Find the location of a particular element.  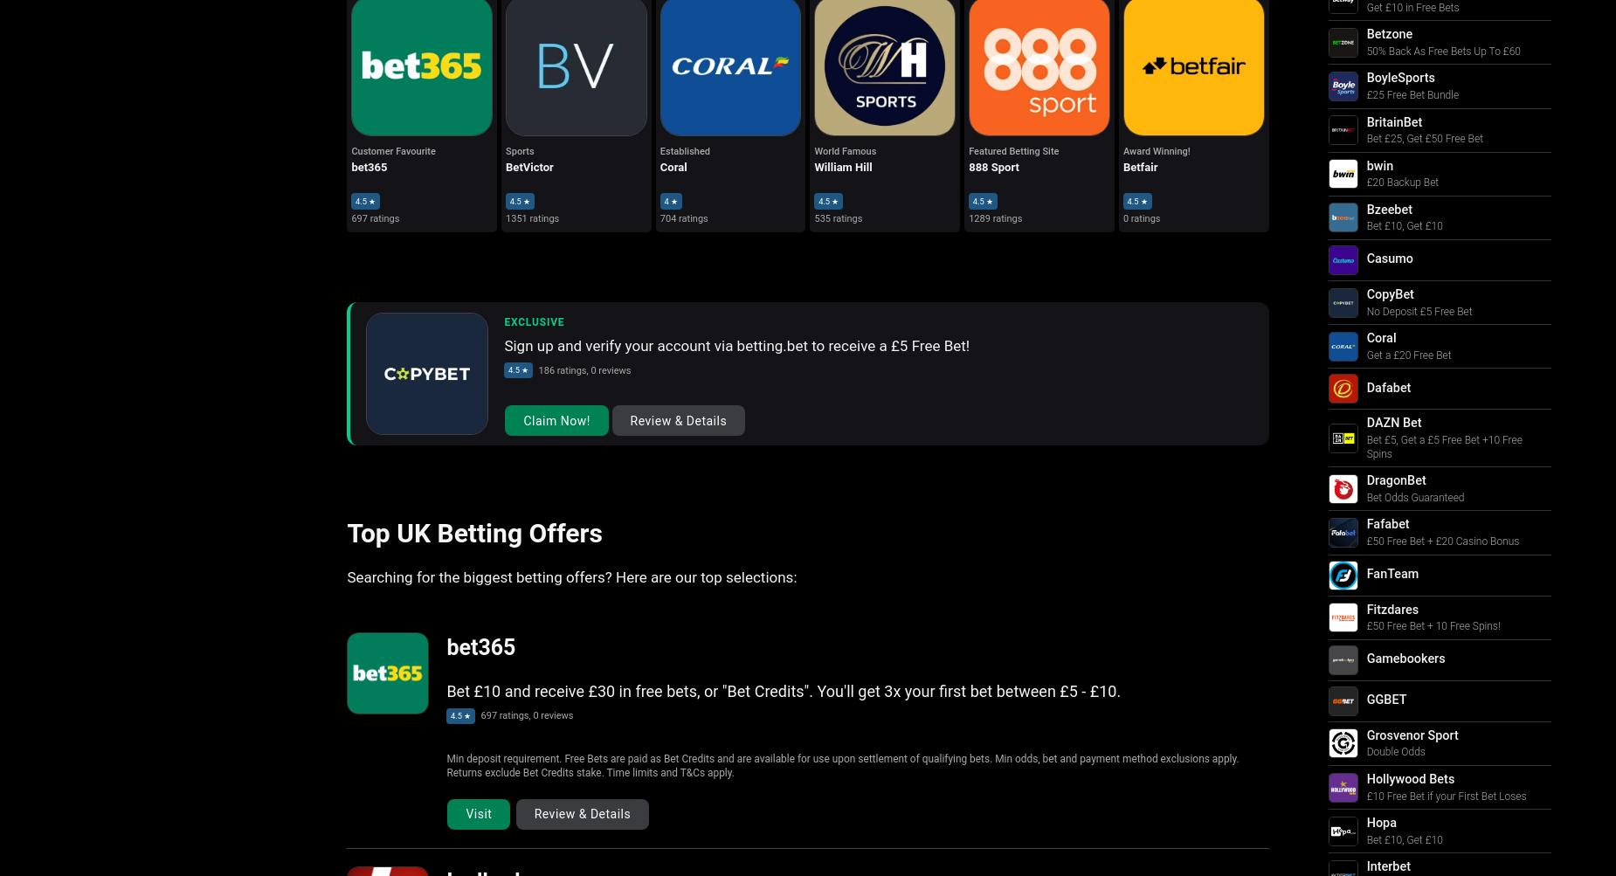

'1289 ratings' is located at coordinates (968, 217).